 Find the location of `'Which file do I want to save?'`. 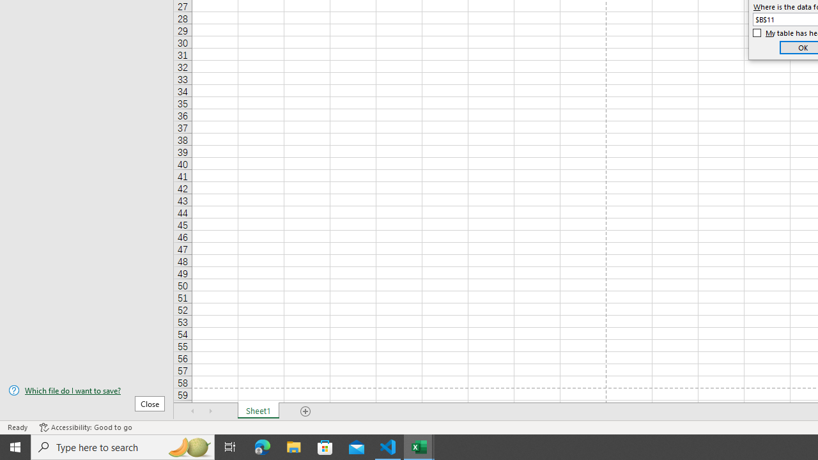

'Which file do I want to save?' is located at coordinates (86, 390).